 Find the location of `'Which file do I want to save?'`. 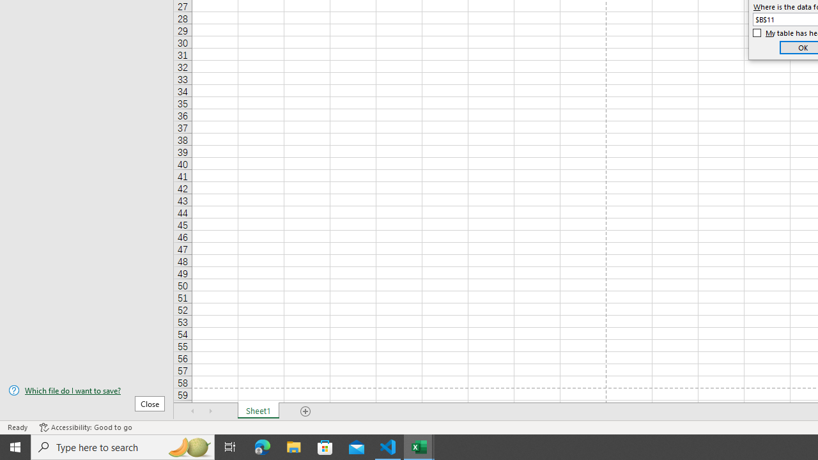

'Which file do I want to save?' is located at coordinates (86, 390).